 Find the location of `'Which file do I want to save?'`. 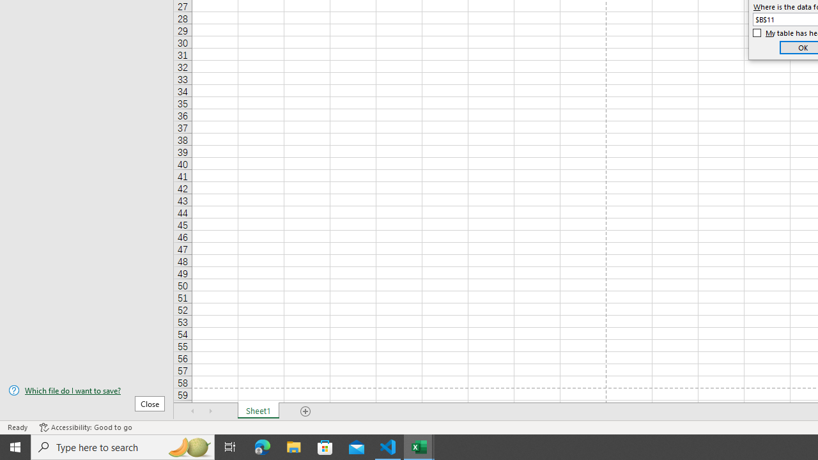

'Which file do I want to save?' is located at coordinates (86, 390).